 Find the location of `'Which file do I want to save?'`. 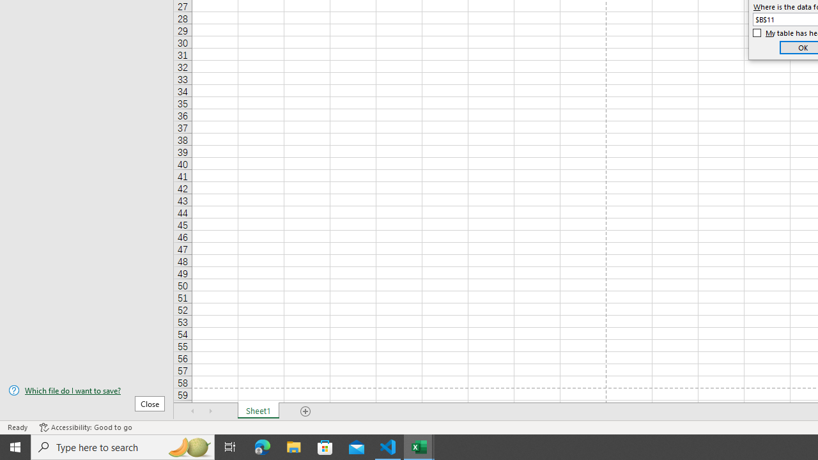

'Which file do I want to save?' is located at coordinates (86, 390).